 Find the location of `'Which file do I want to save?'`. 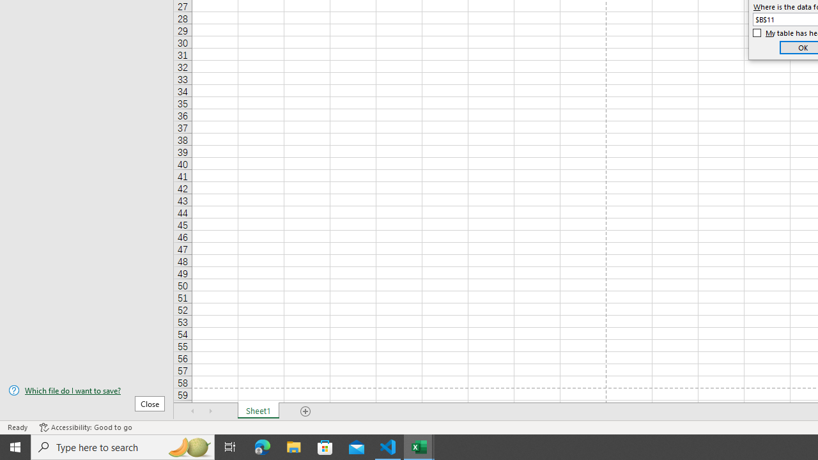

'Which file do I want to save?' is located at coordinates (86, 390).